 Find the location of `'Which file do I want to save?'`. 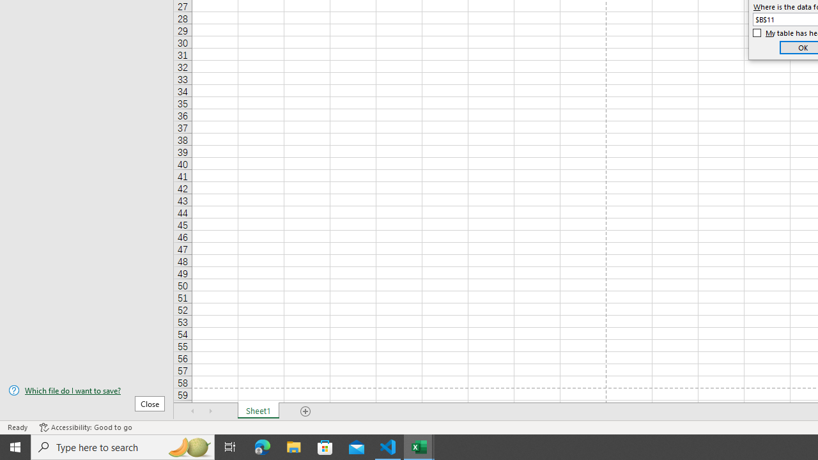

'Which file do I want to save?' is located at coordinates (86, 390).